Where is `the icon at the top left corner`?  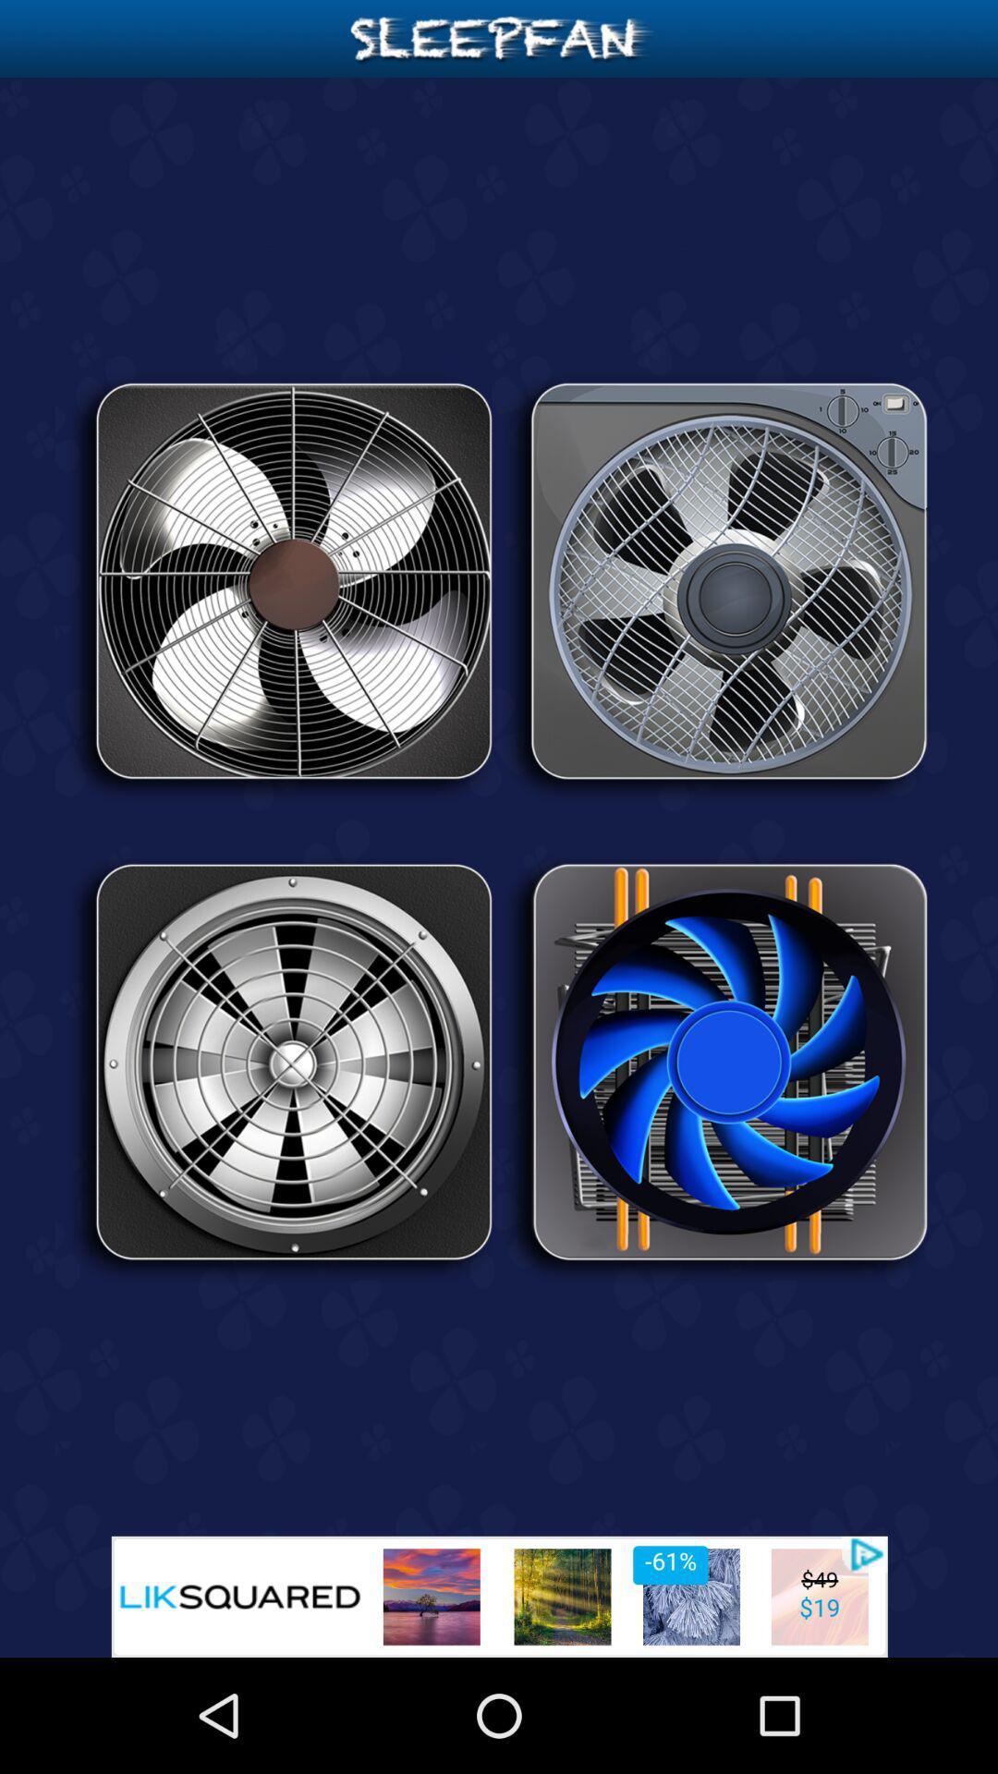
the icon at the top left corner is located at coordinates (281, 587).